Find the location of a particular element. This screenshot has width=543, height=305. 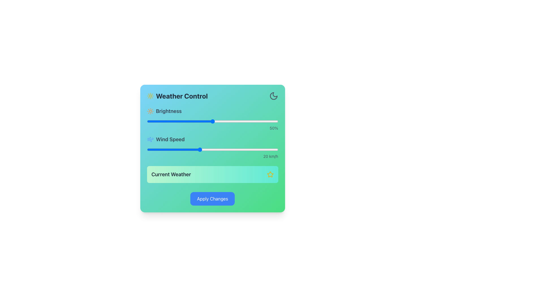

the wind speed control slider is located at coordinates (212, 147).